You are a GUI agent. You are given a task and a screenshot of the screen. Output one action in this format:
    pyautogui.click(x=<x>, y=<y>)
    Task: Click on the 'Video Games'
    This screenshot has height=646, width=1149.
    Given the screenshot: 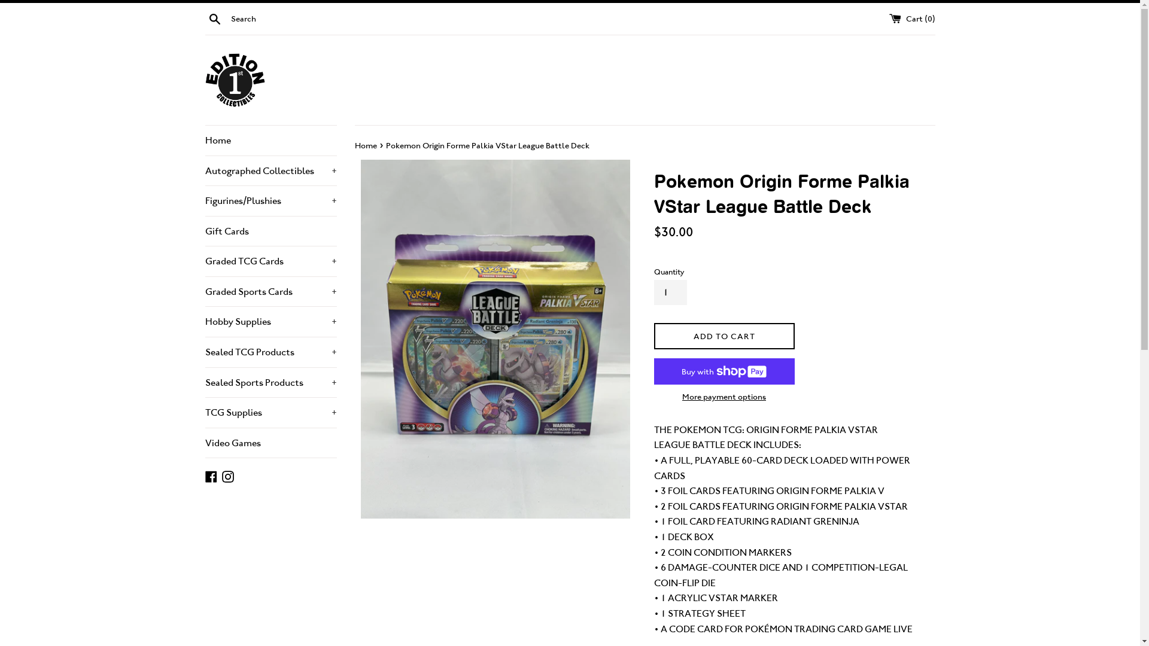 What is the action you would take?
    pyautogui.click(x=269, y=443)
    